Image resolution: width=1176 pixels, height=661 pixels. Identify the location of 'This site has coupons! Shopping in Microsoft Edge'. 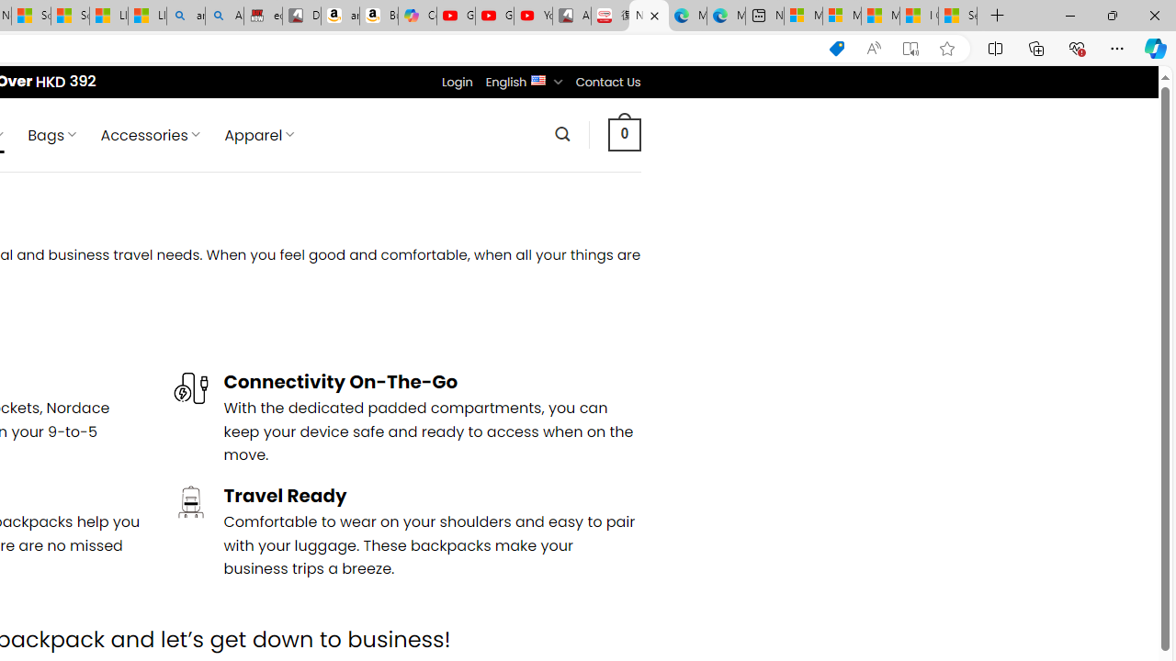
(835, 48).